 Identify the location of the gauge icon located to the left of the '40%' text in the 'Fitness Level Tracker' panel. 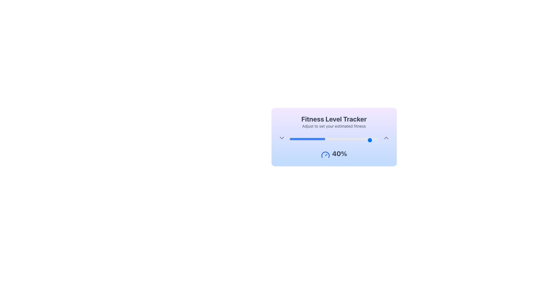
(325, 155).